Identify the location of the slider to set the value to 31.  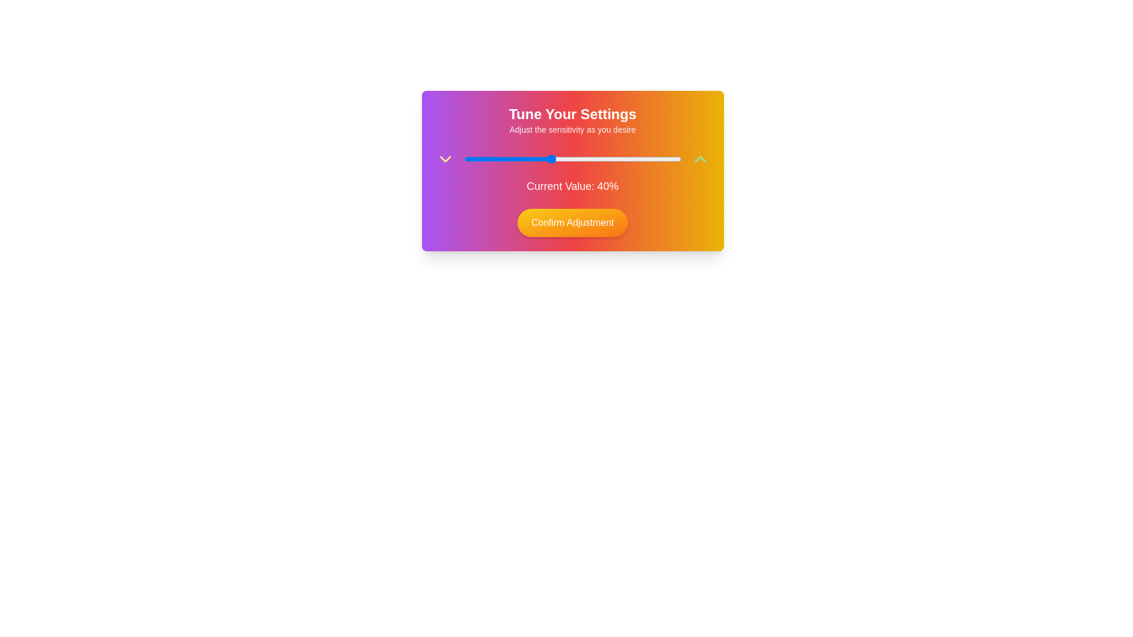
(531, 159).